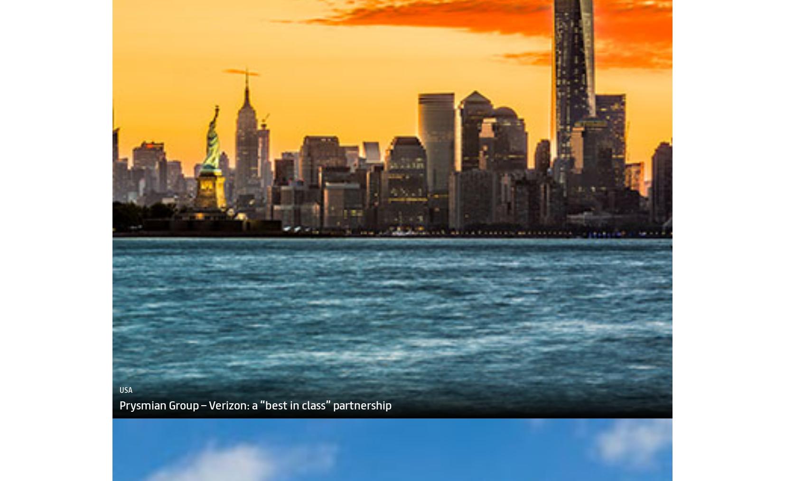 Image resolution: width=785 pixels, height=481 pixels. What do you see at coordinates (138, 346) in the screenshot?
I see `'Middle East'` at bounding box center [138, 346].